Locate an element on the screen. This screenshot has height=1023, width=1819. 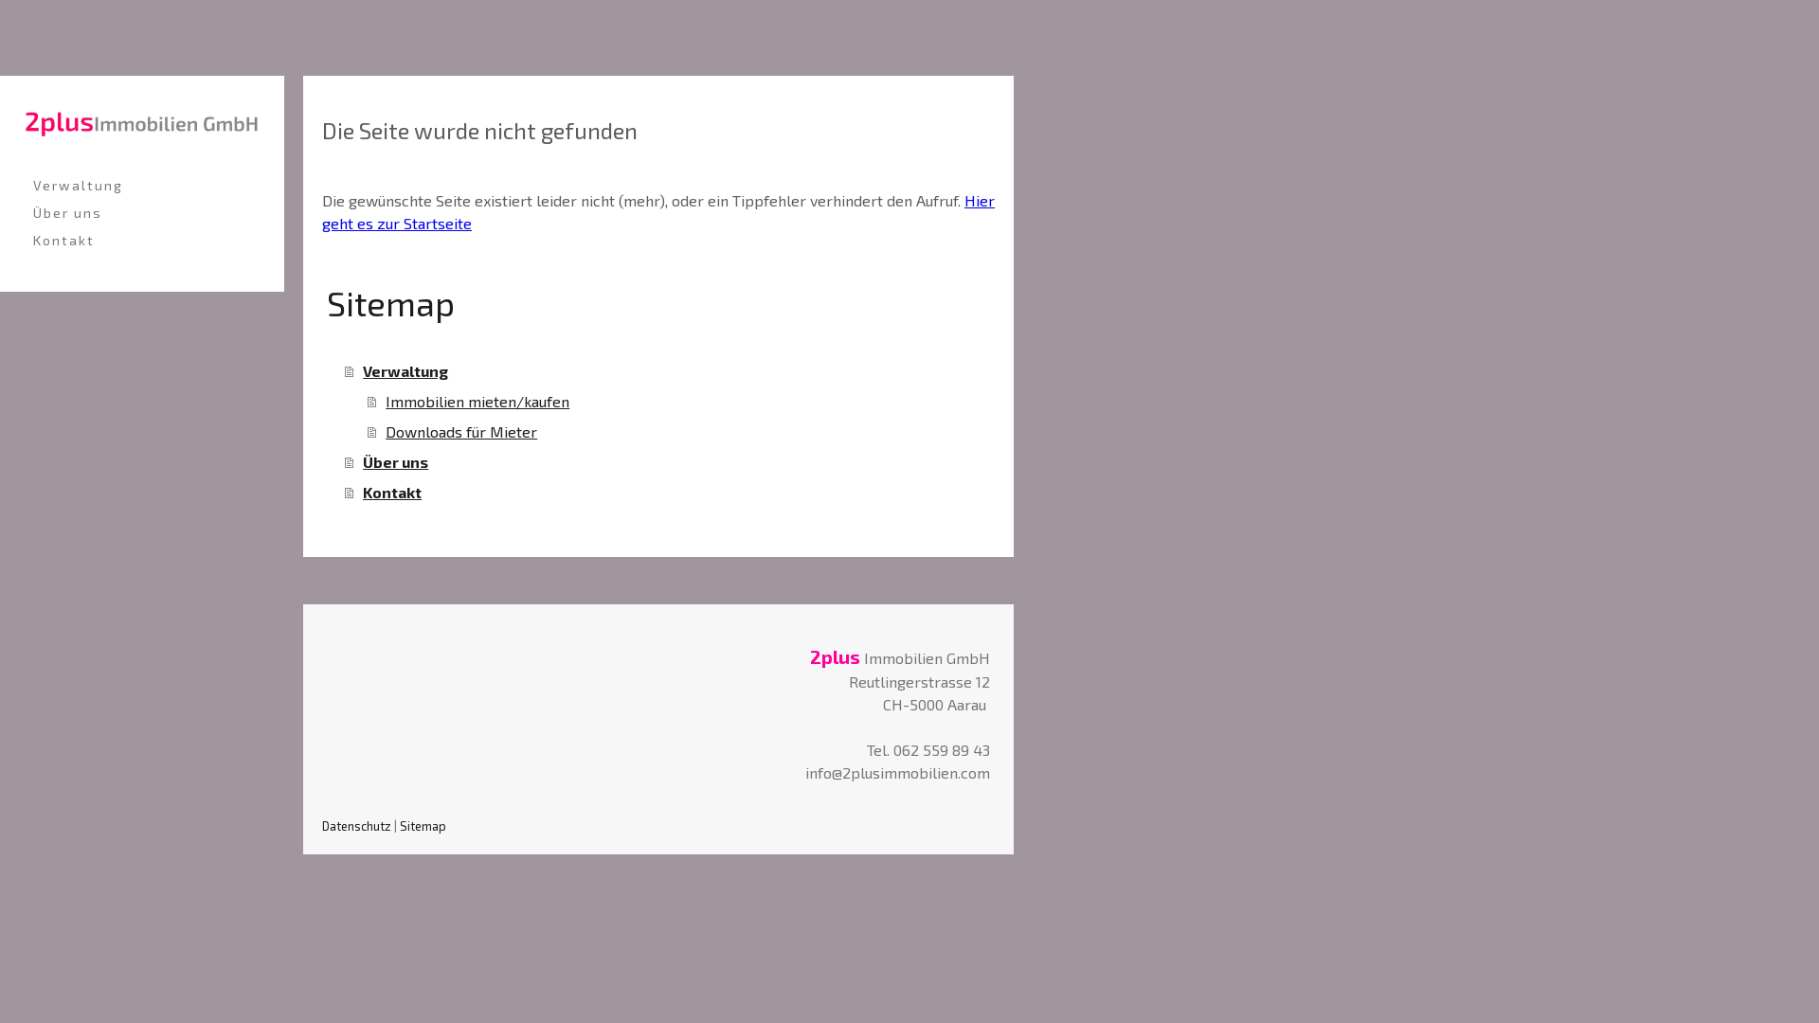
'Kontakt' is located at coordinates (140, 239).